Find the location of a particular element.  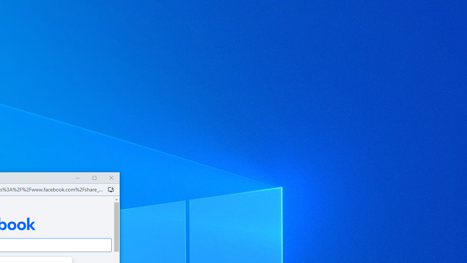

'Maximize' is located at coordinates (94, 178).